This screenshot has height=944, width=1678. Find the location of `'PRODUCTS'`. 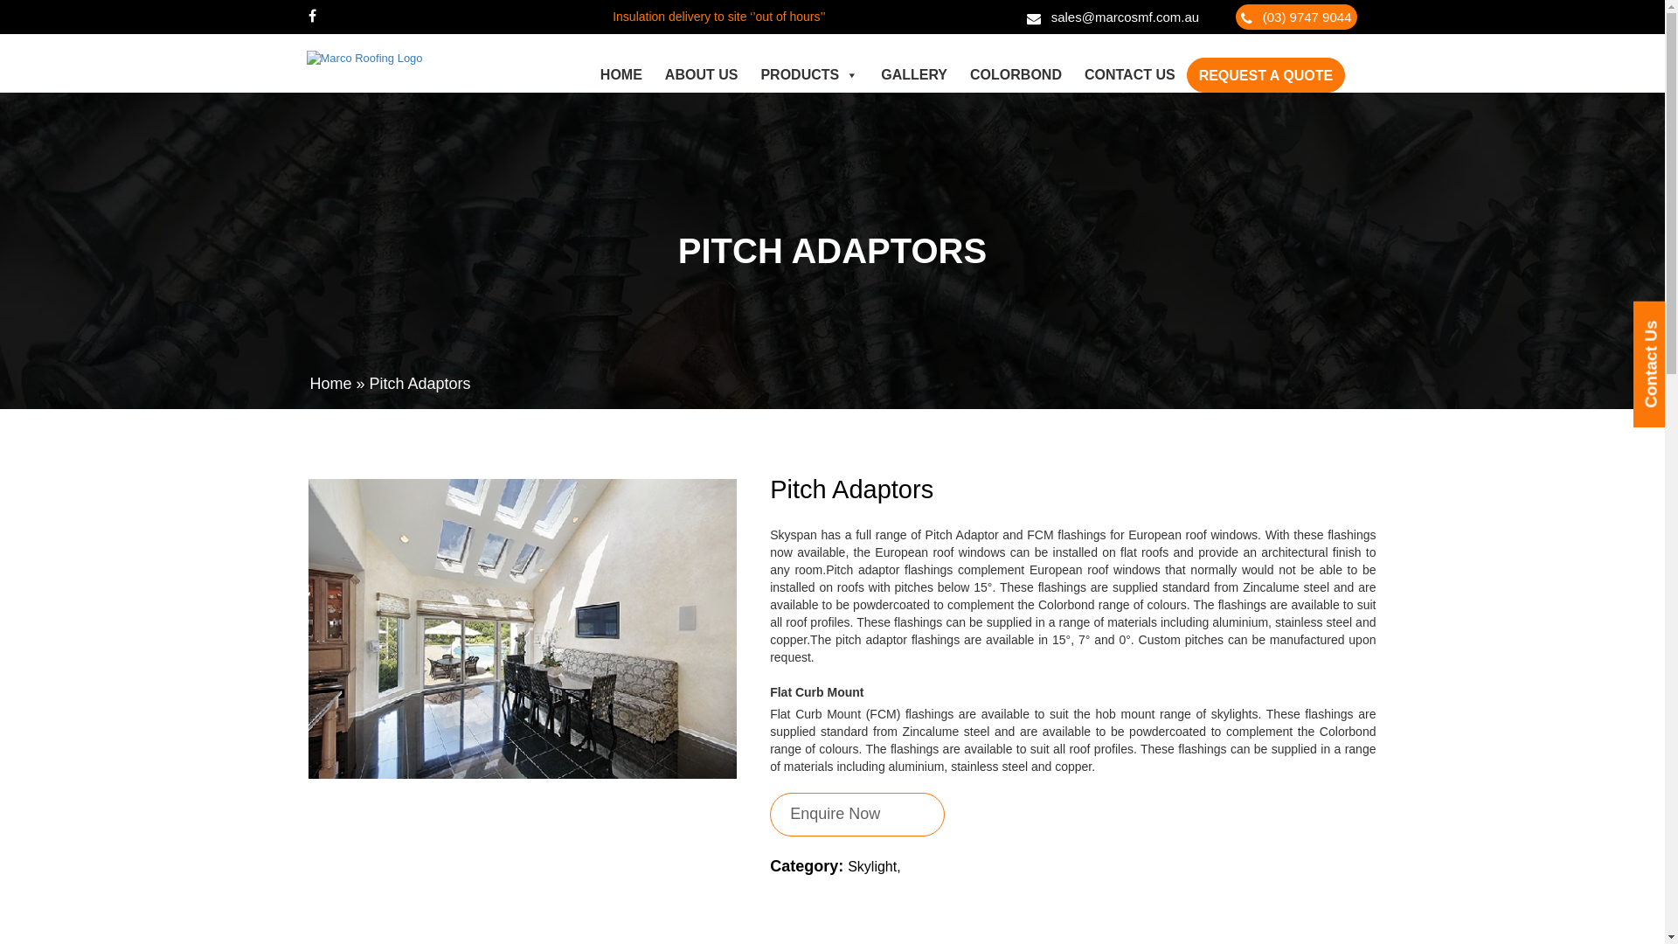

'PRODUCTS' is located at coordinates (808, 73).